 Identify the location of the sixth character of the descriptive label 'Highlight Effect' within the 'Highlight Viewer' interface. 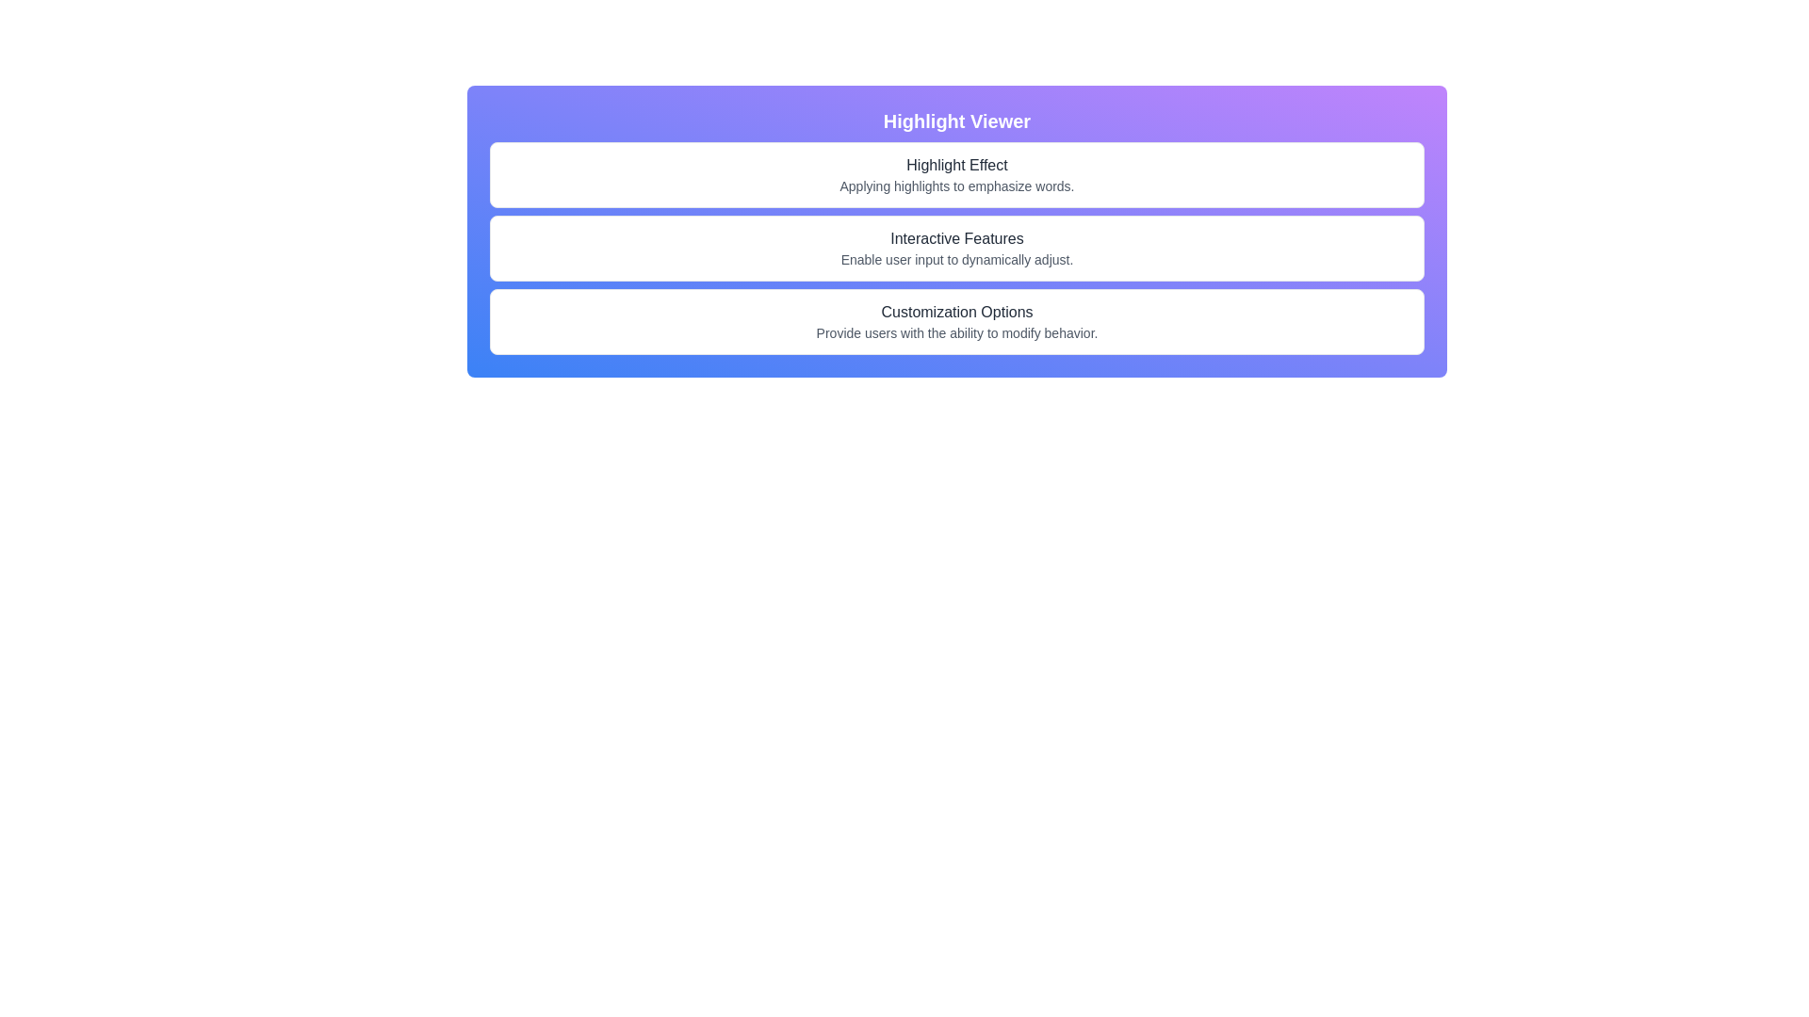
(942, 164).